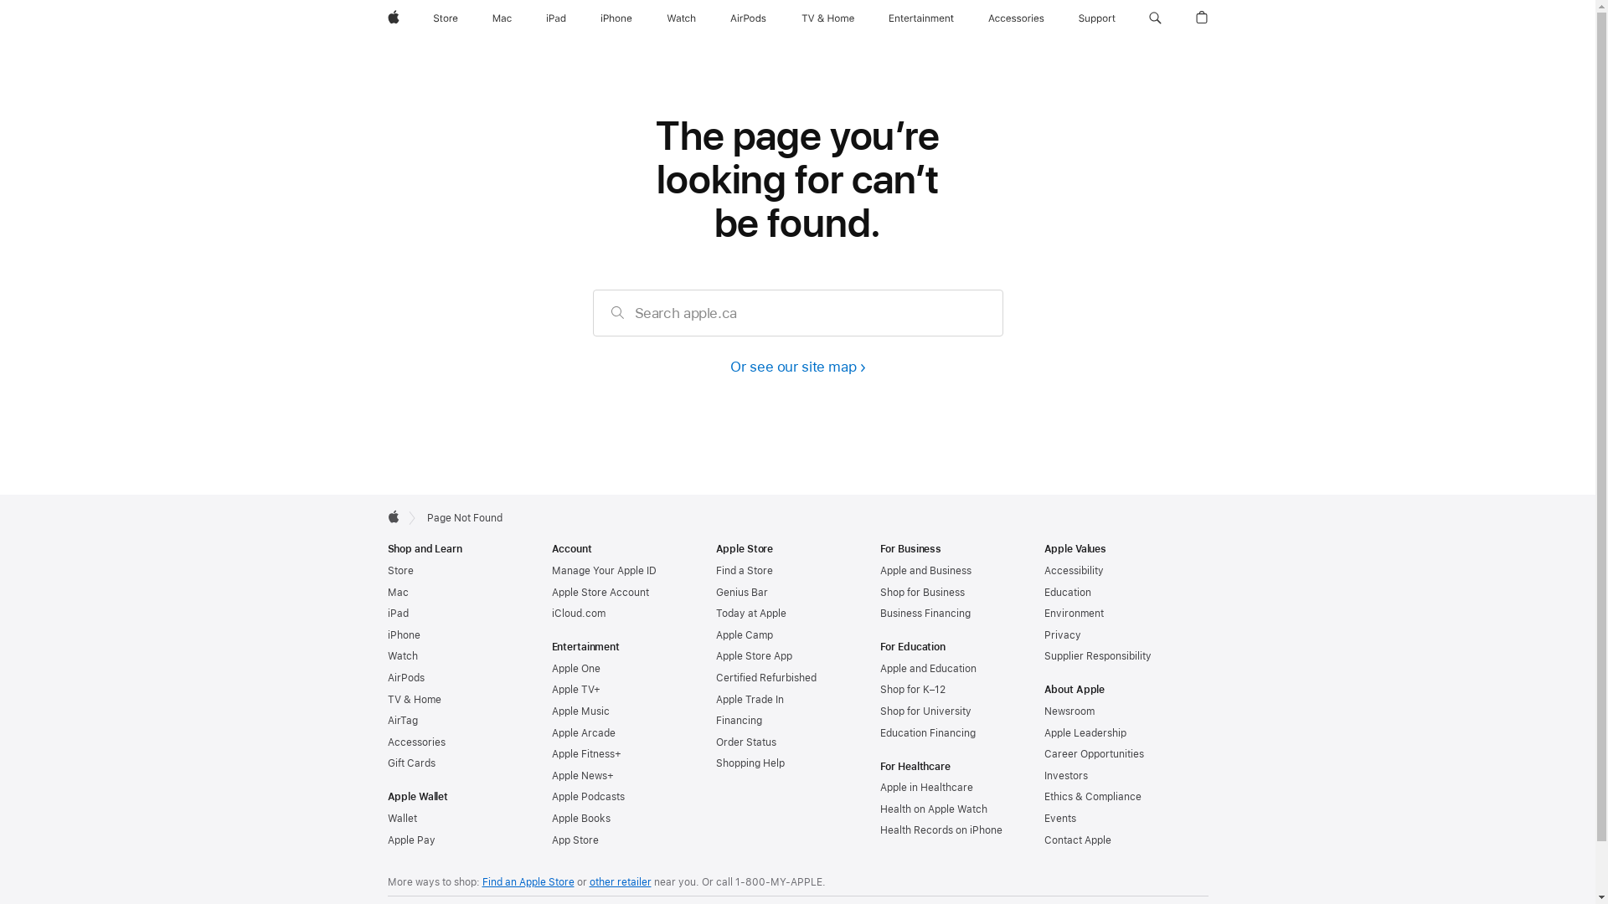 Image resolution: width=1608 pixels, height=904 pixels. I want to click on 'Shop for University', so click(924, 711).